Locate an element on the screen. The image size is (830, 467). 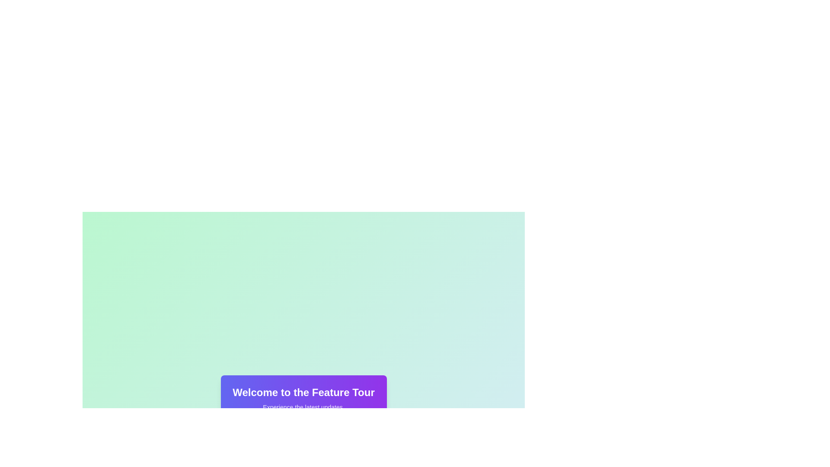
the welcoming message area that introduces the feature tour and highlights recent updates for accessibility is located at coordinates (303, 398).